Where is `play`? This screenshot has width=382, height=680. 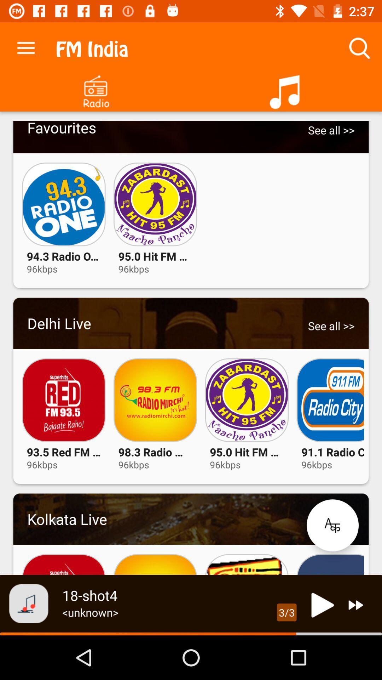 play is located at coordinates (320, 605).